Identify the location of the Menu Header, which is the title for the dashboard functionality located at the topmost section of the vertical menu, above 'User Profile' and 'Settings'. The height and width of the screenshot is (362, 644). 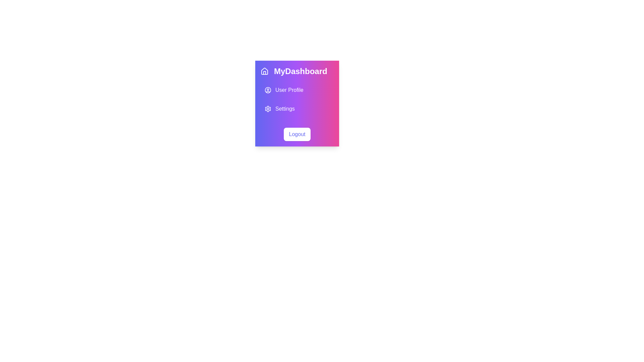
(297, 71).